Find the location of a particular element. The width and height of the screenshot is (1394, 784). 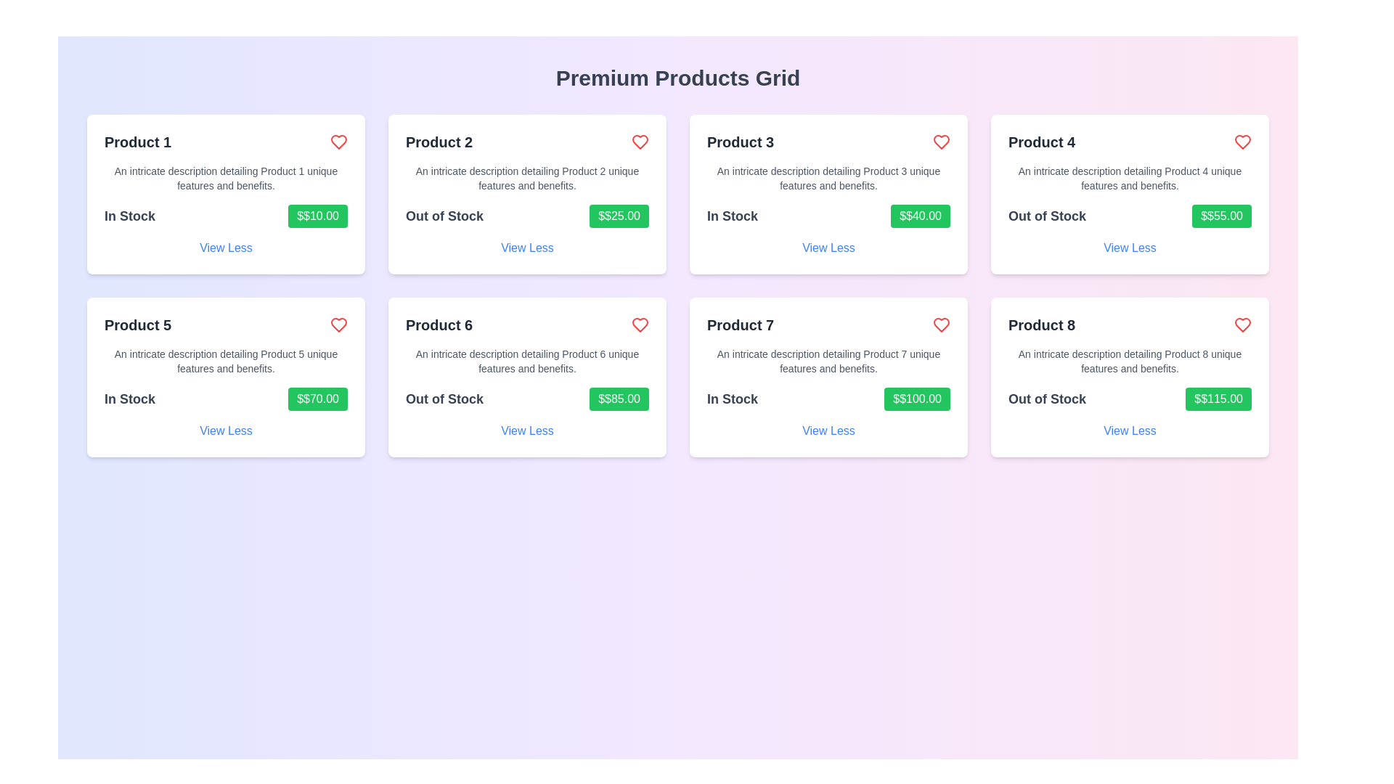

the price button located within the 'Product 5' card, under the 'In Stock' label is located at coordinates (317, 399).